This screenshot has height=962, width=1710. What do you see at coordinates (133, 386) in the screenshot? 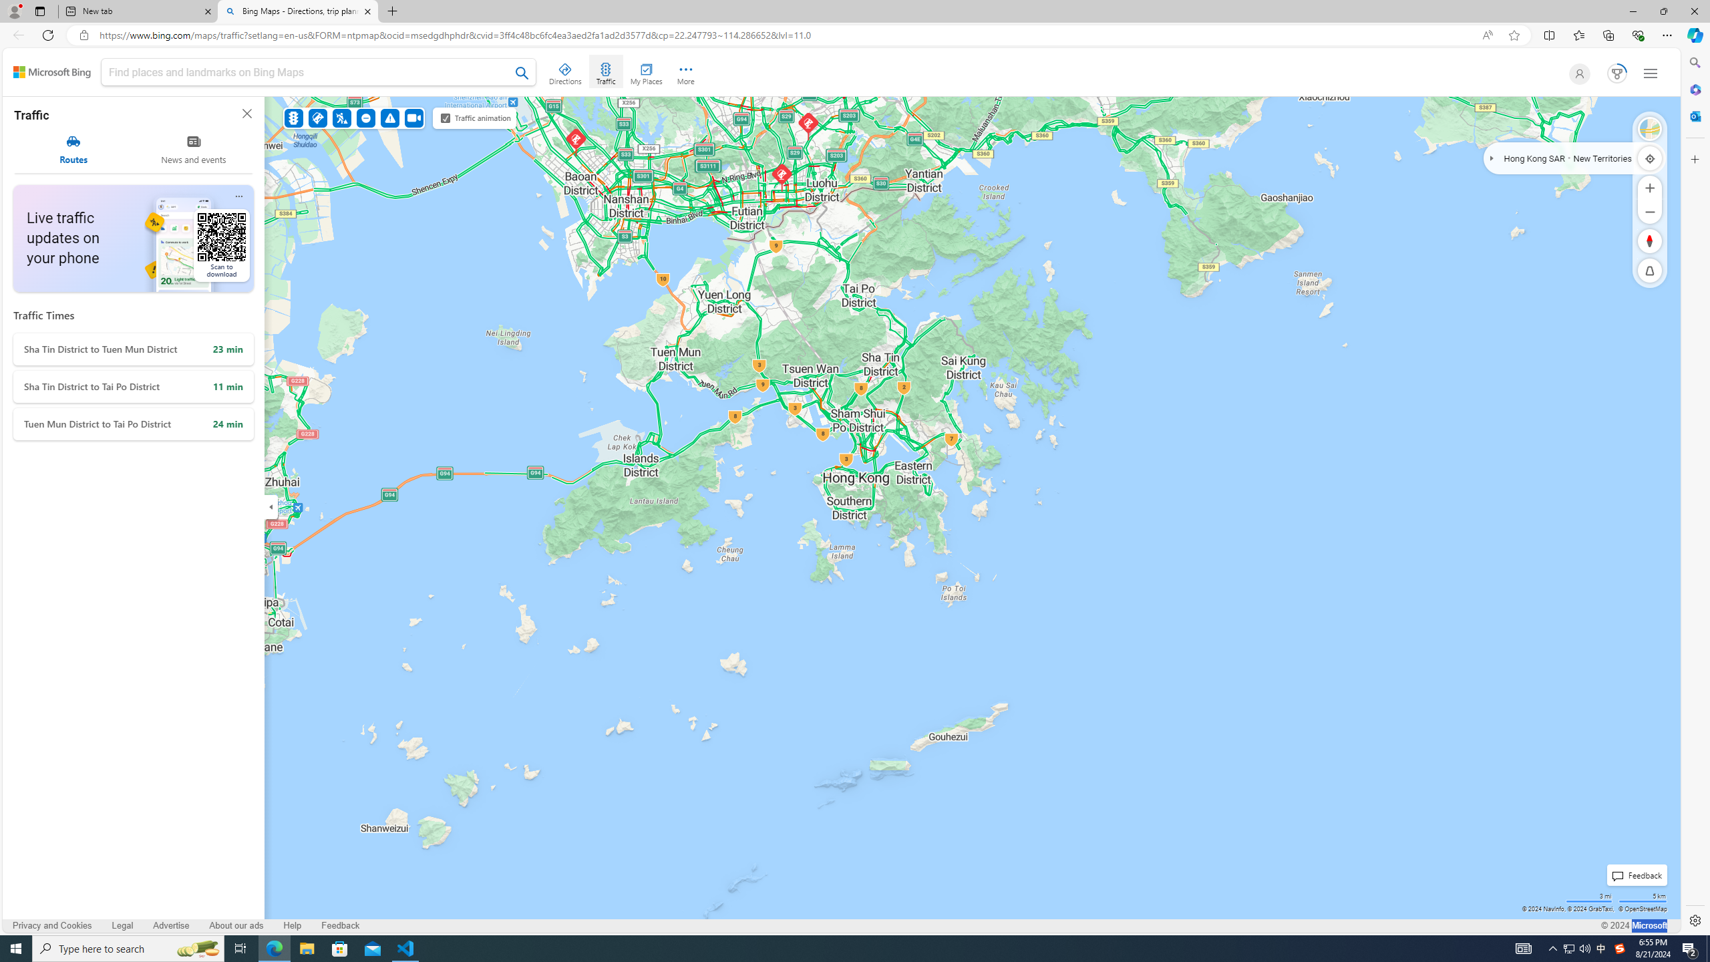
I see `'Sha Tin District to Tai Po District'` at bounding box center [133, 386].